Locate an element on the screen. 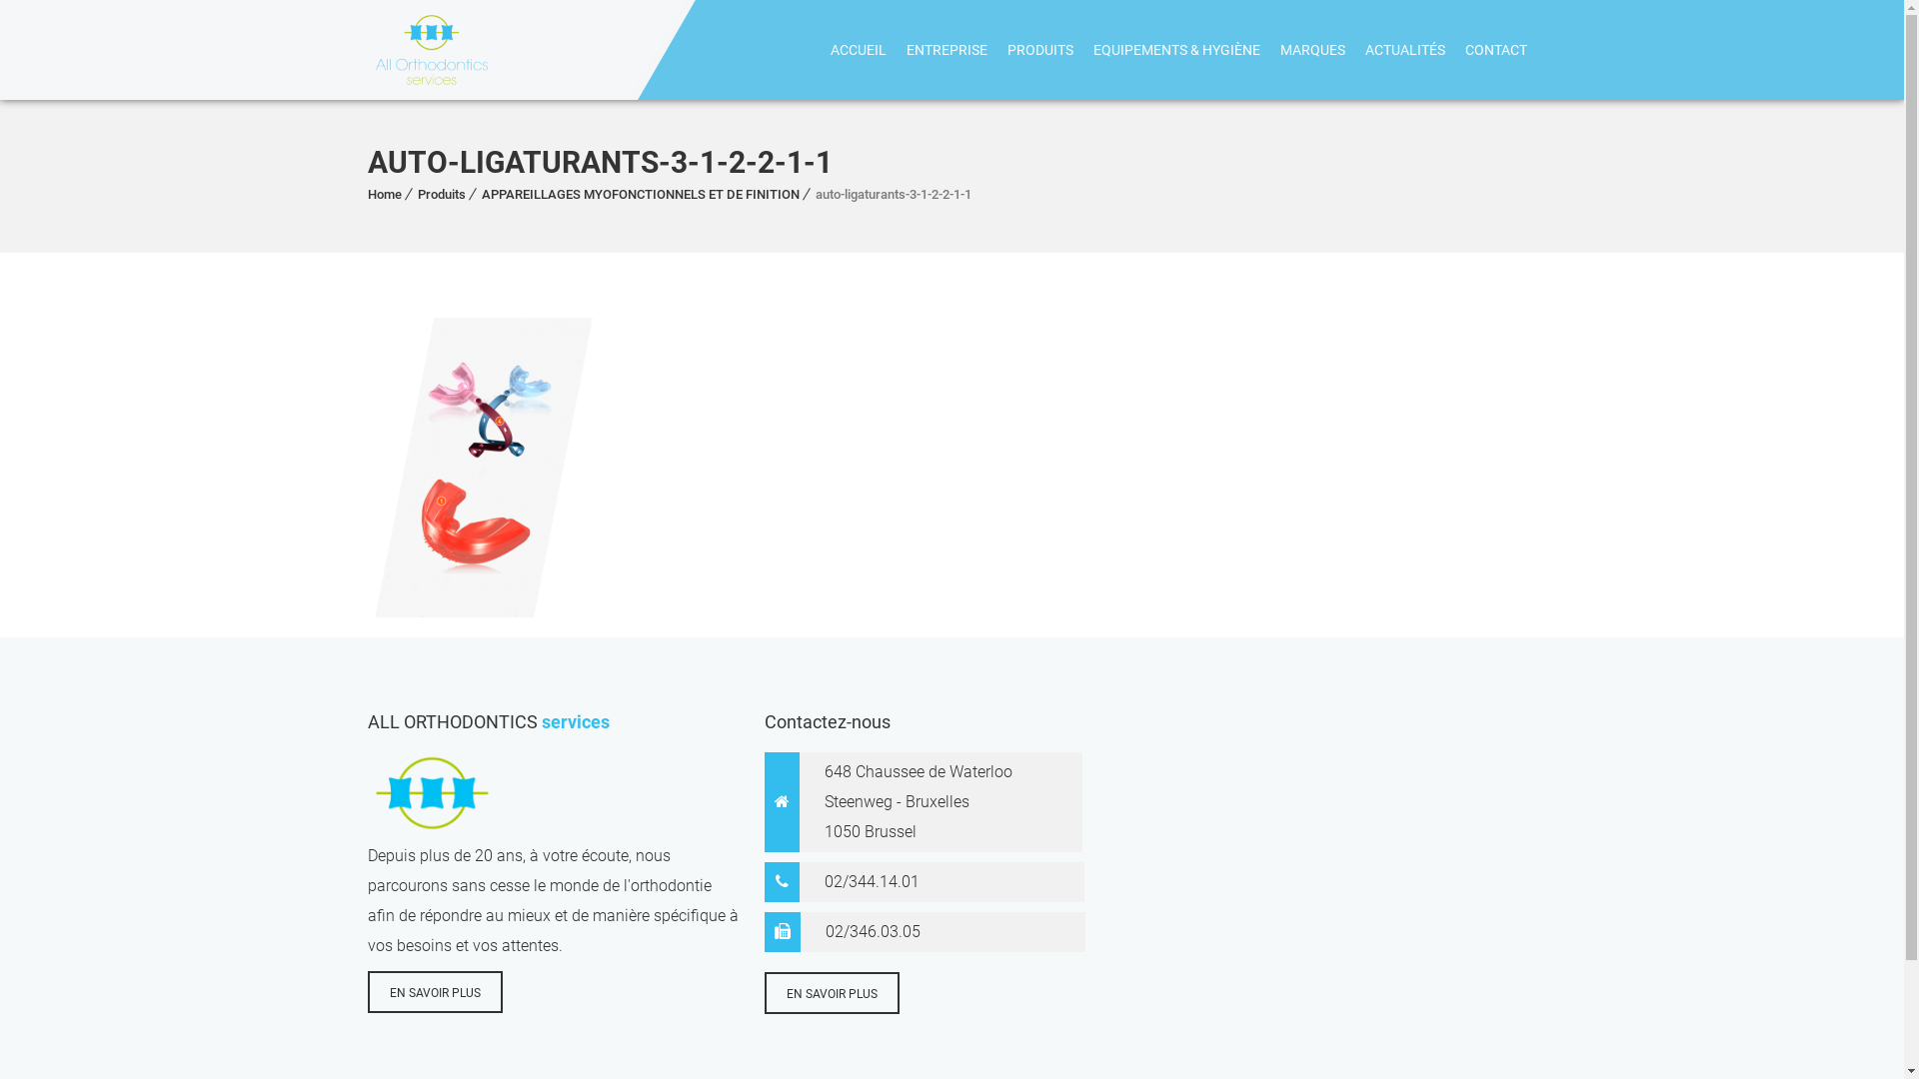 This screenshot has width=1919, height=1079. 'MARQUES' is located at coordinates (1268, 49).